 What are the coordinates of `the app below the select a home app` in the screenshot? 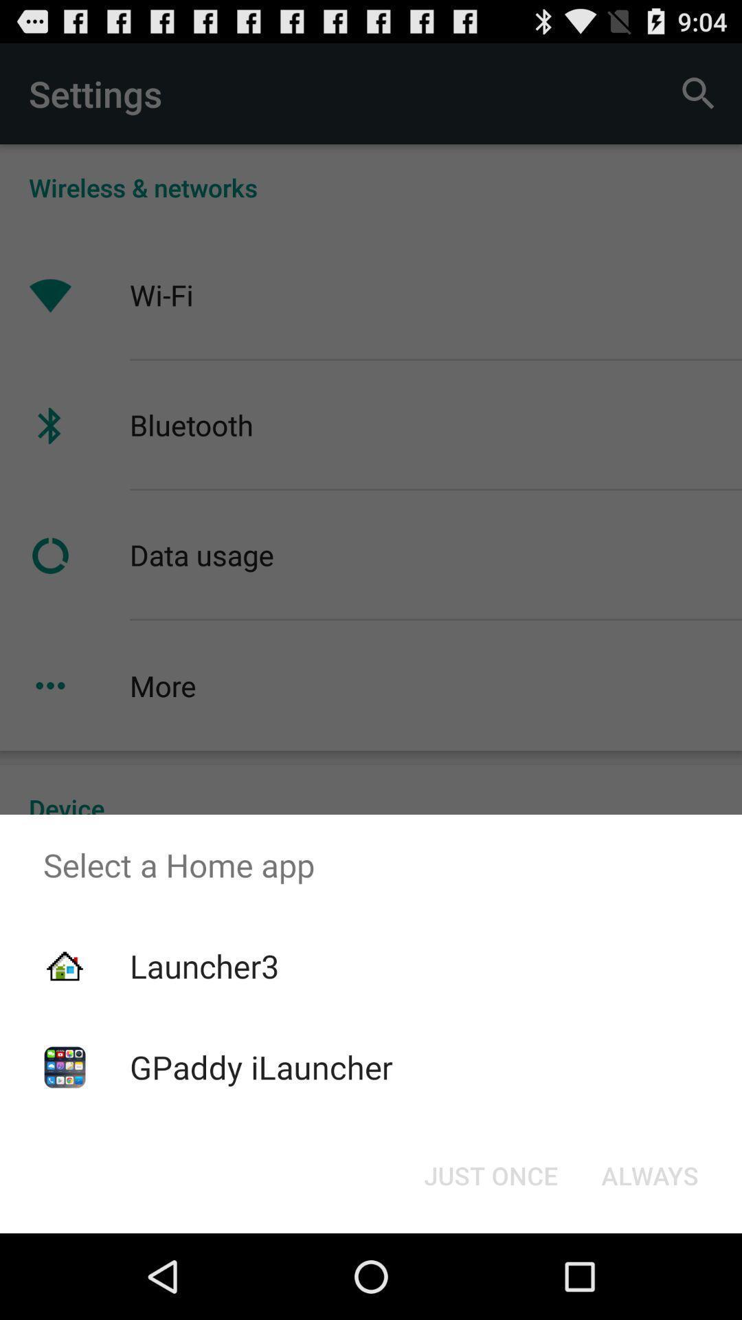 It's located at (649, 1174).